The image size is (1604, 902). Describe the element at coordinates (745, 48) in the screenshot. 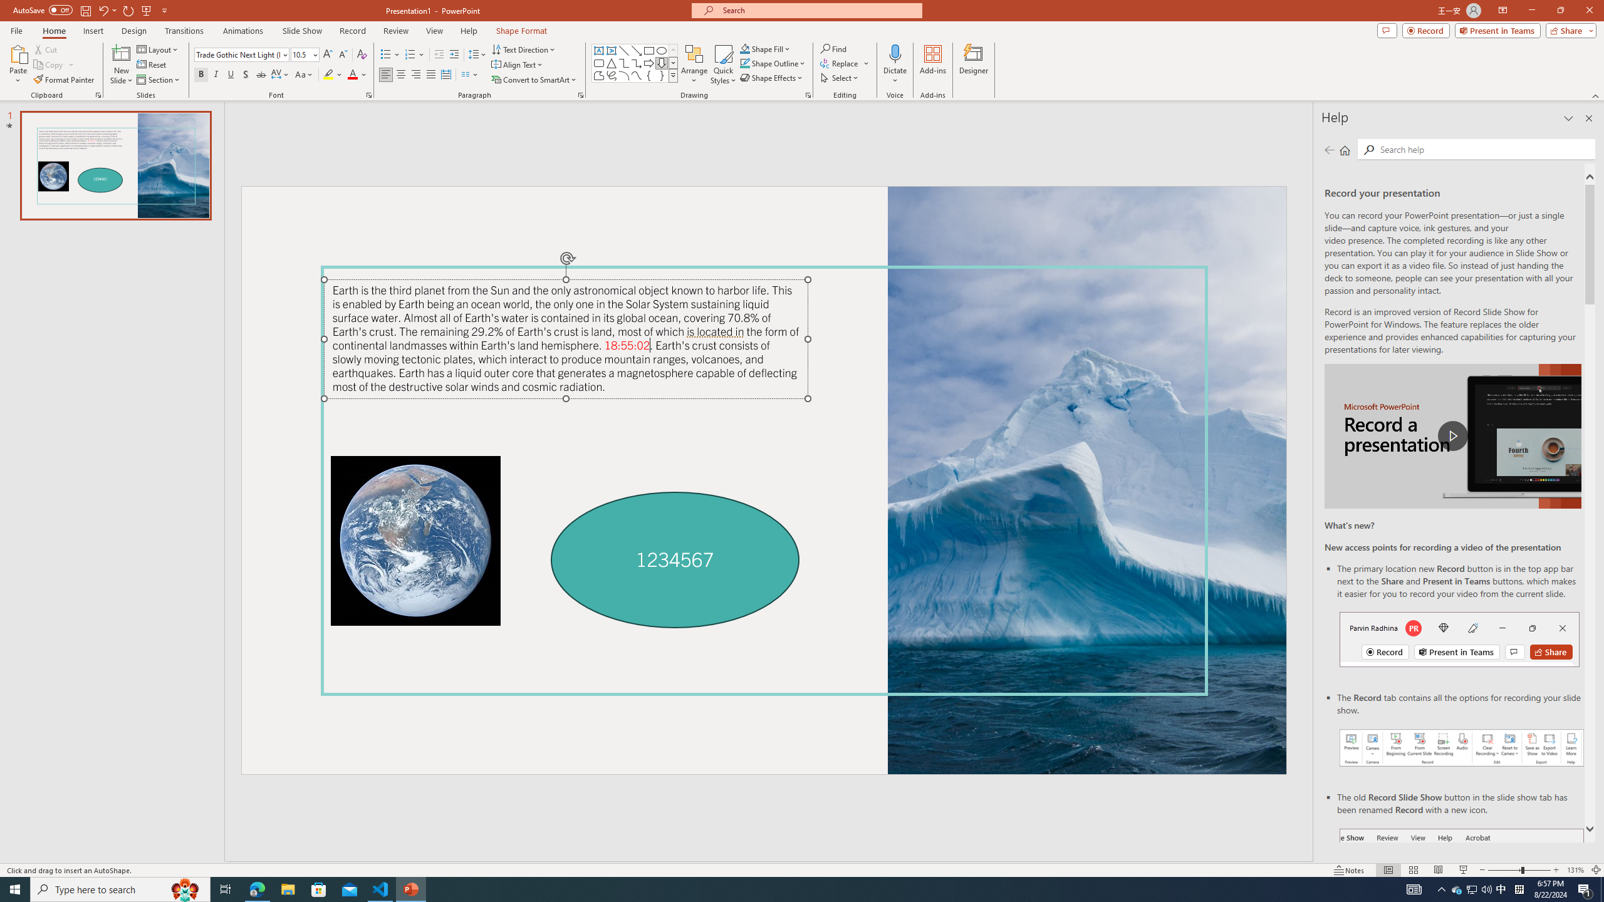

I see `'Shape Fill Aqua, Accent 2'` at that location.